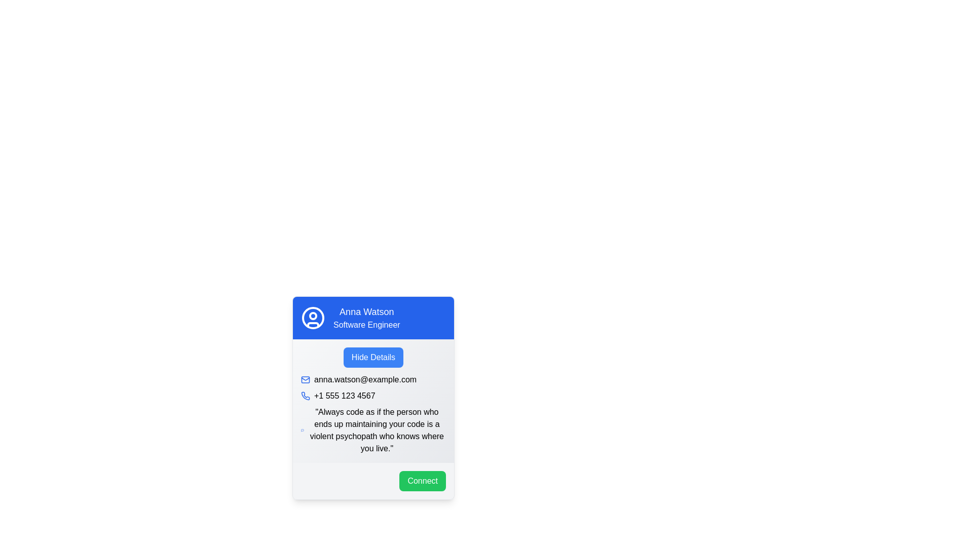 The width and height of the screenshot is (973, 547). Describe the element at coordinates (366, 325) in the screenshot. I see `the static text element displaying 'Software Engineer', which is styled in white text on a blue background and located beneath 'Anna Watson'` at that location.